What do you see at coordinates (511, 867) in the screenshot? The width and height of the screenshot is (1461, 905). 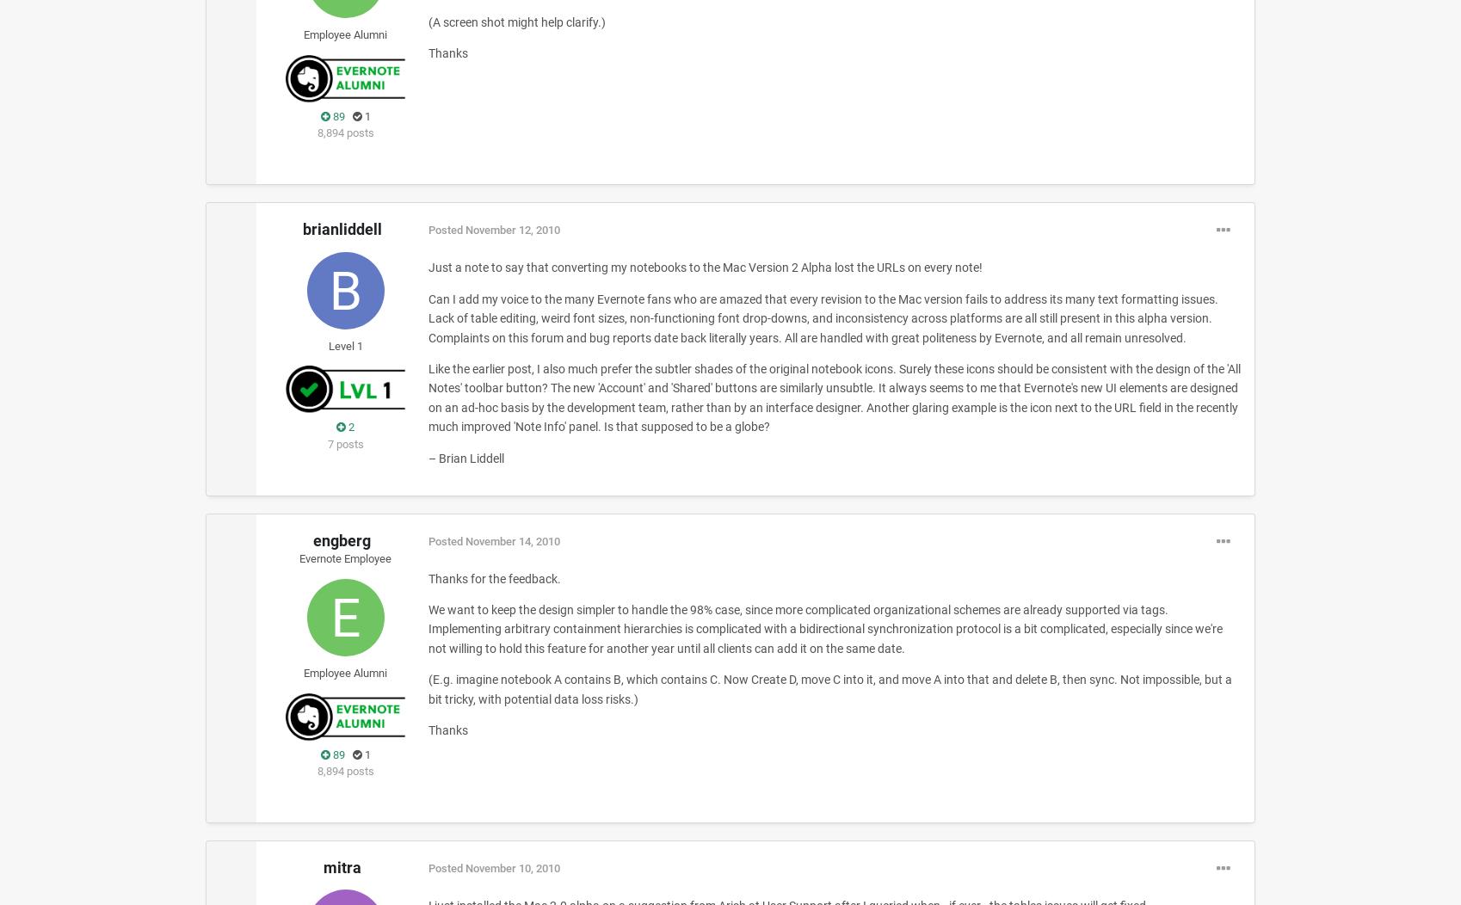 I see `'November 10, 2010'` at bounding box center [511, 867].